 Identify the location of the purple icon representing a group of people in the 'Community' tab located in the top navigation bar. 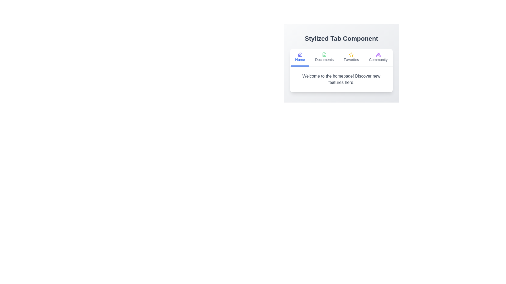
(378, 55).